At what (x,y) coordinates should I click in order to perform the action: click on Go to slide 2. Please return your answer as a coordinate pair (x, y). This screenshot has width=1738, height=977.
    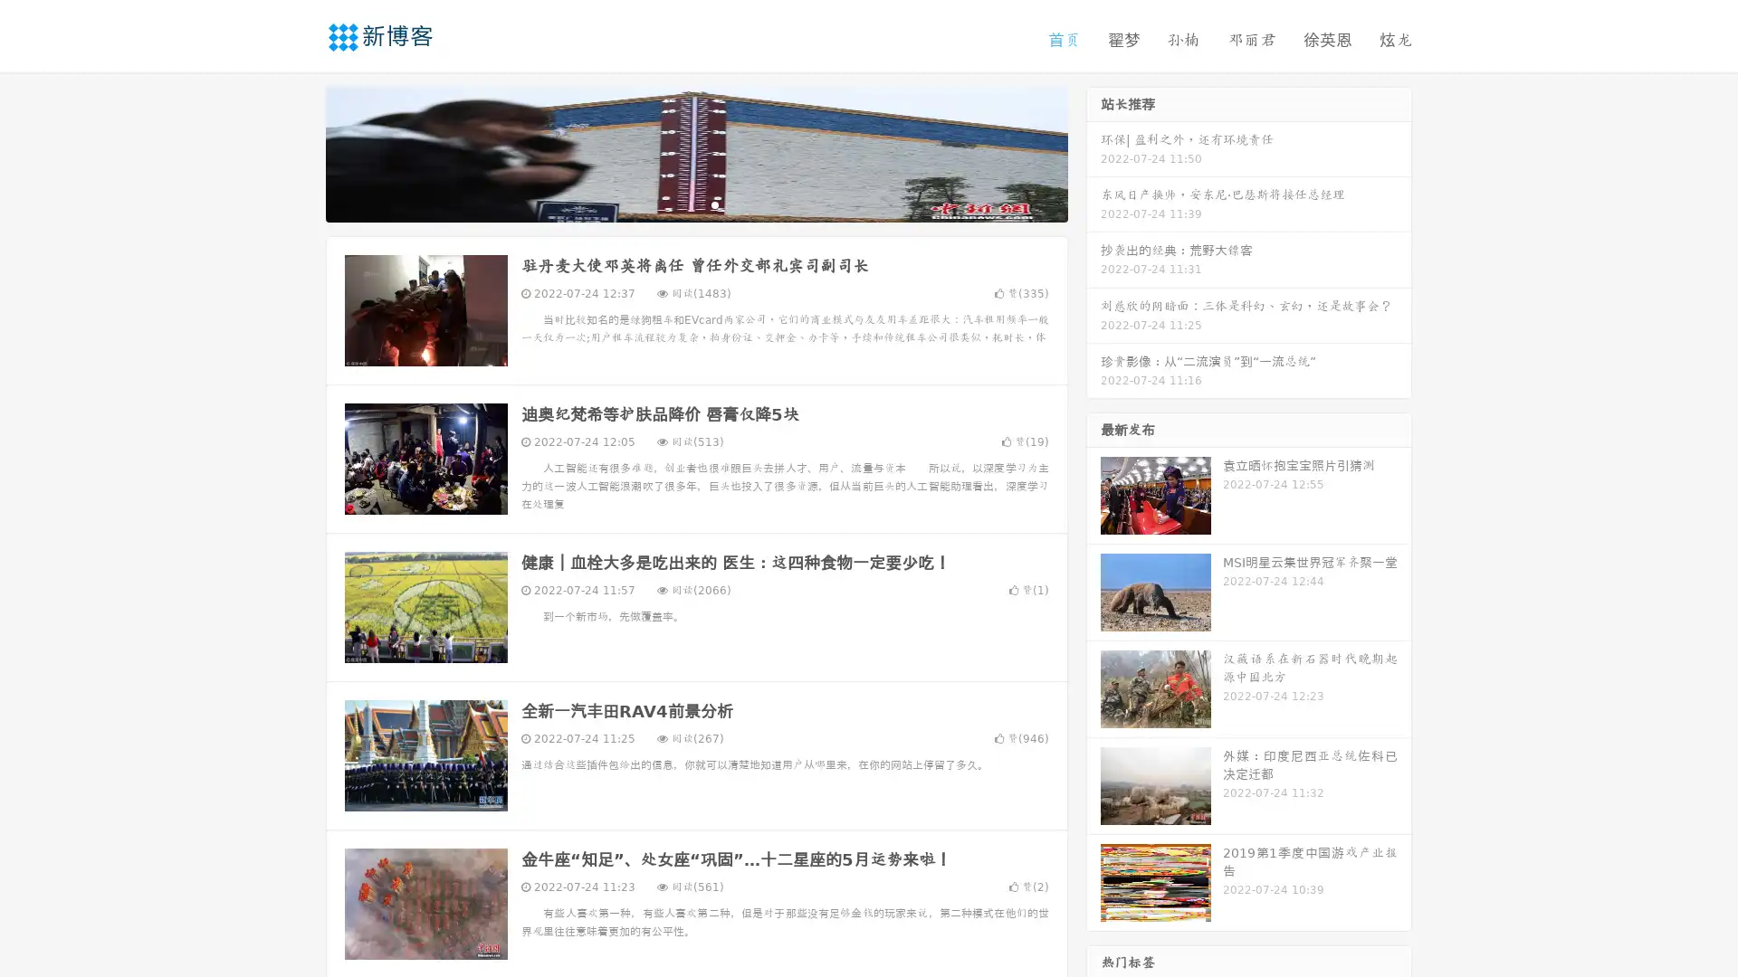
    Looking at the image, I should click on (695, 204).